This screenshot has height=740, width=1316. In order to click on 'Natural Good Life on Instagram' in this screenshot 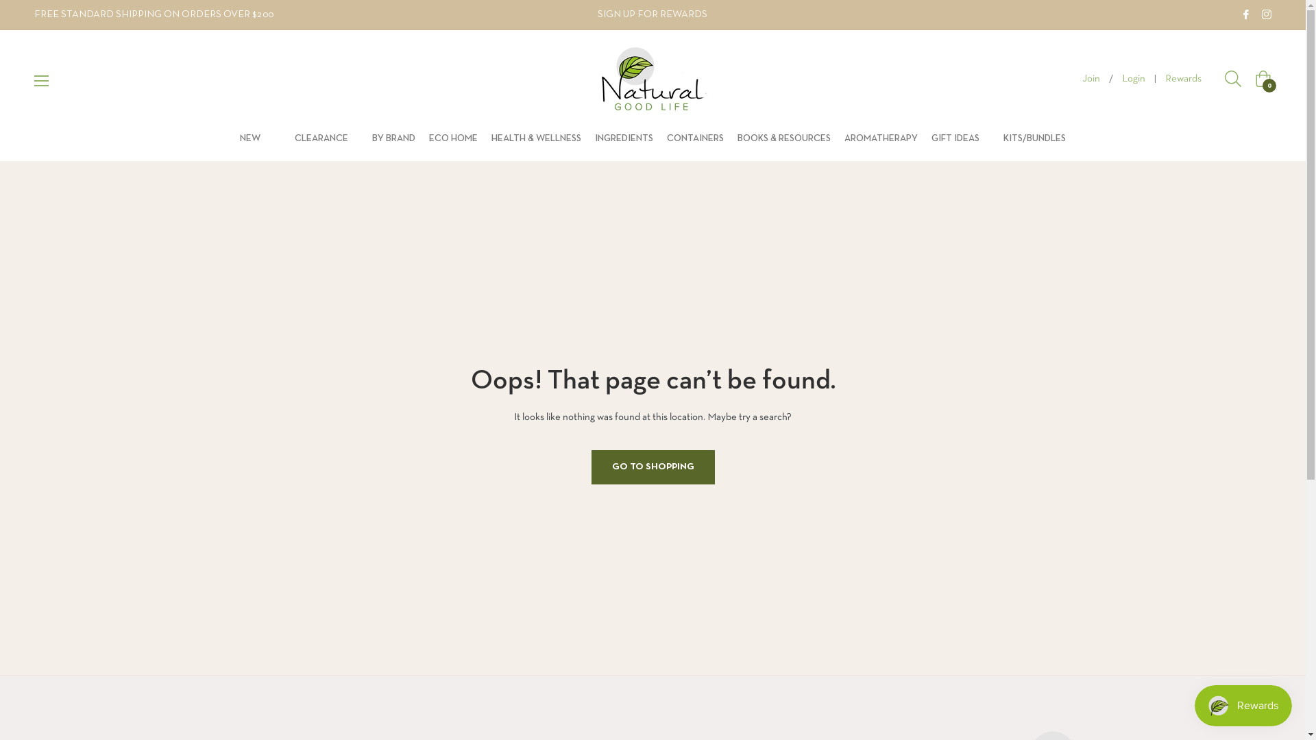, I will do `click(1266, 14)`.